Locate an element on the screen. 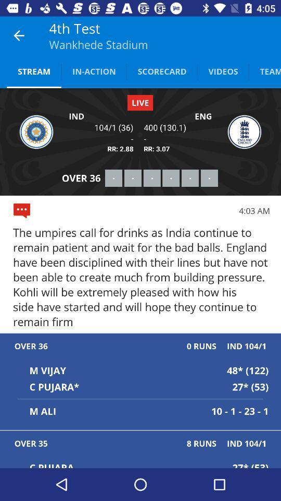  the item to the right of the videos icon is located at coordinates (265, 70).